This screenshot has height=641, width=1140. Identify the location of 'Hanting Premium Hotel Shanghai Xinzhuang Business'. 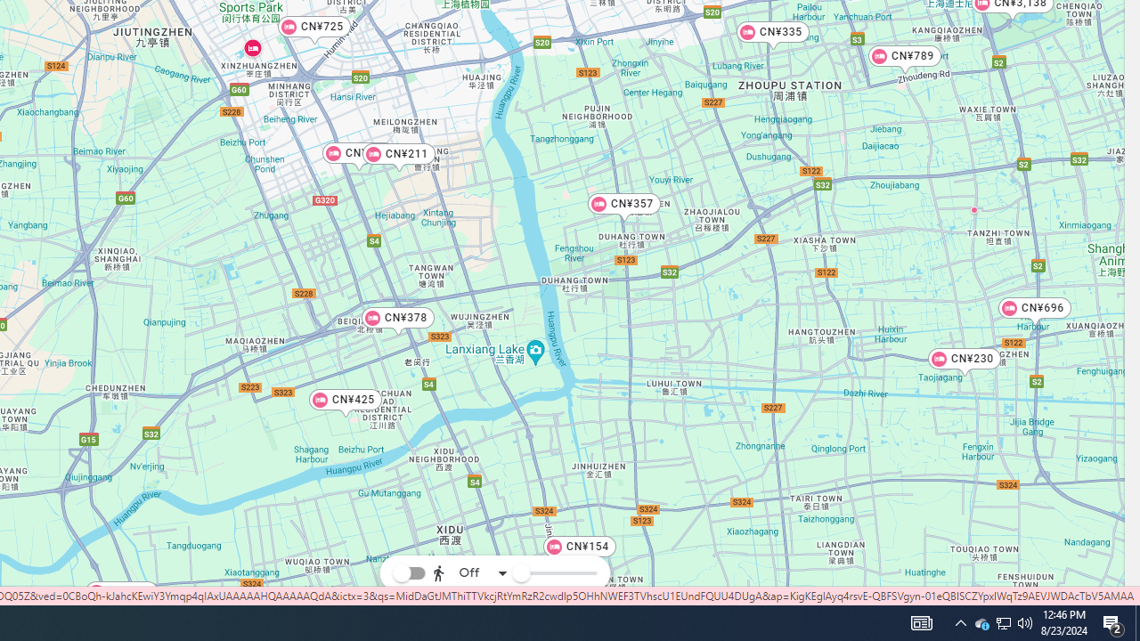
(251, 46).